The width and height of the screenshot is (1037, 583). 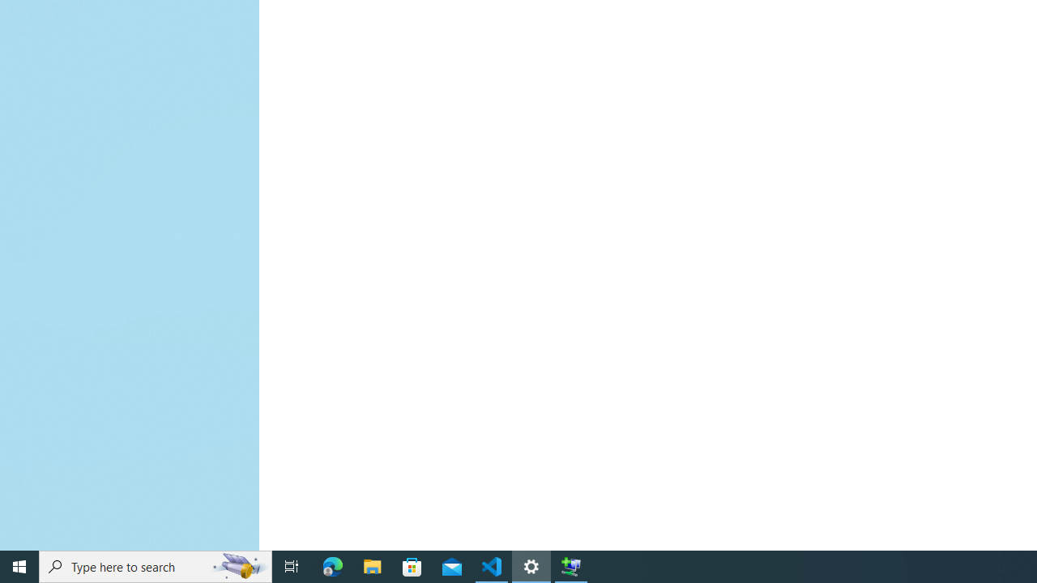 What do you see at coordinates (531, 565) in the screenshot?
I see `'Settings - 1 running window'` at bounding box center [531, 565].